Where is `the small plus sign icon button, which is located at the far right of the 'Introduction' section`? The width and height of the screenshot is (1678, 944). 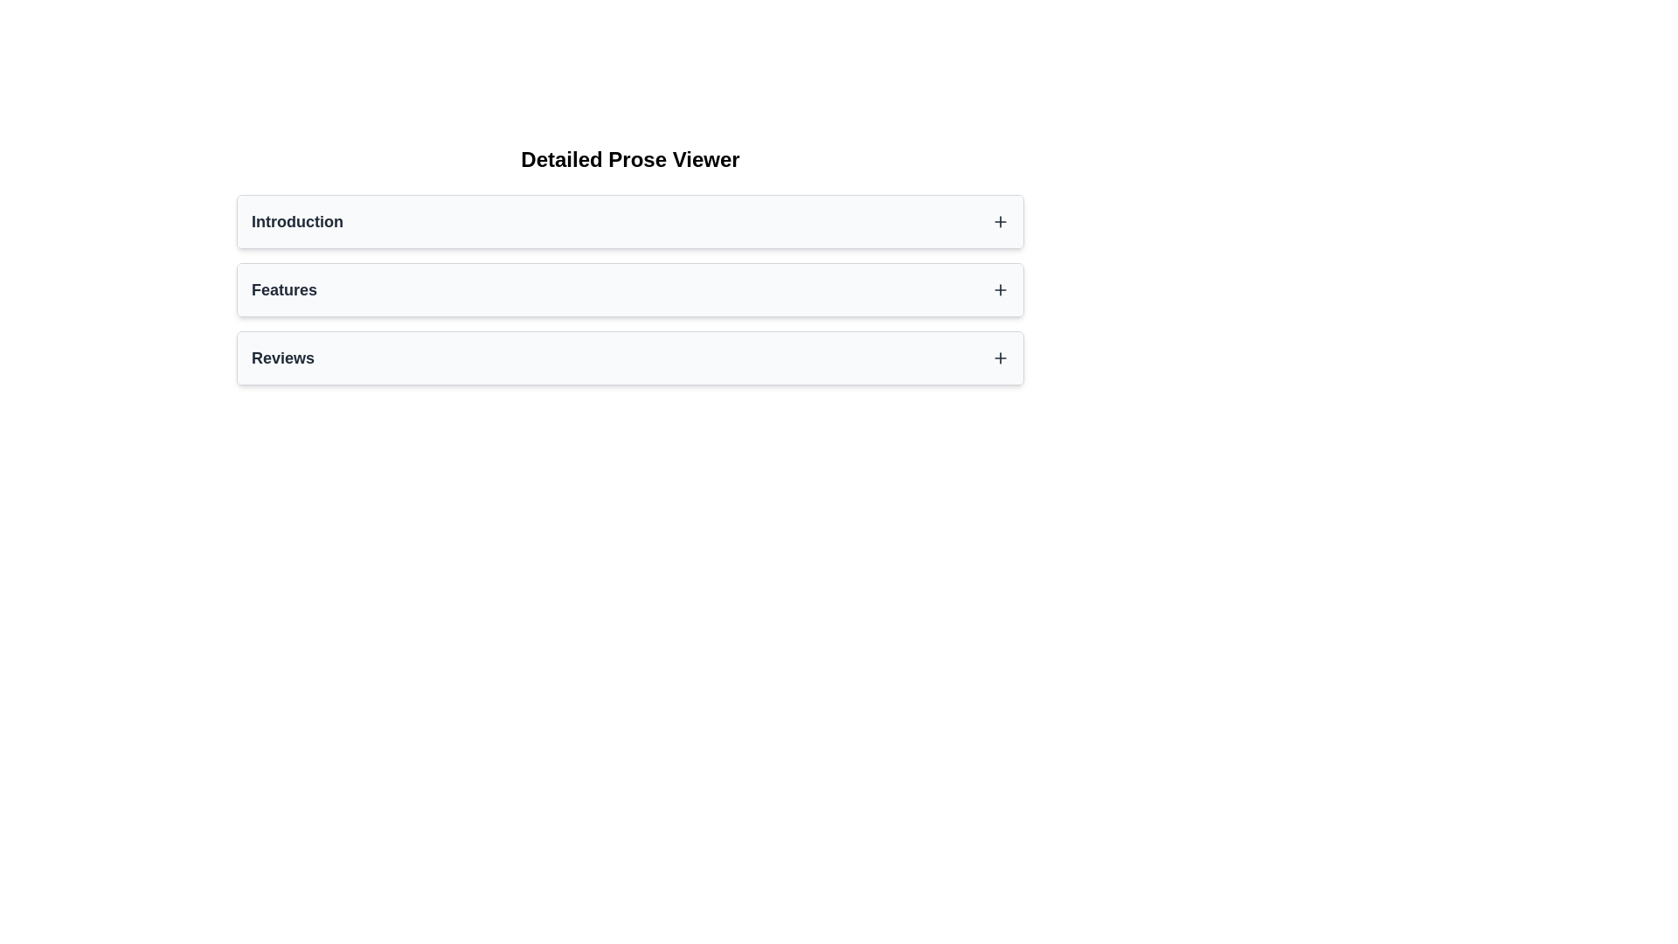
the small plus sign icon button, which is located at the far right of the 'Introduction' section is located at coordinates (1001, 221).